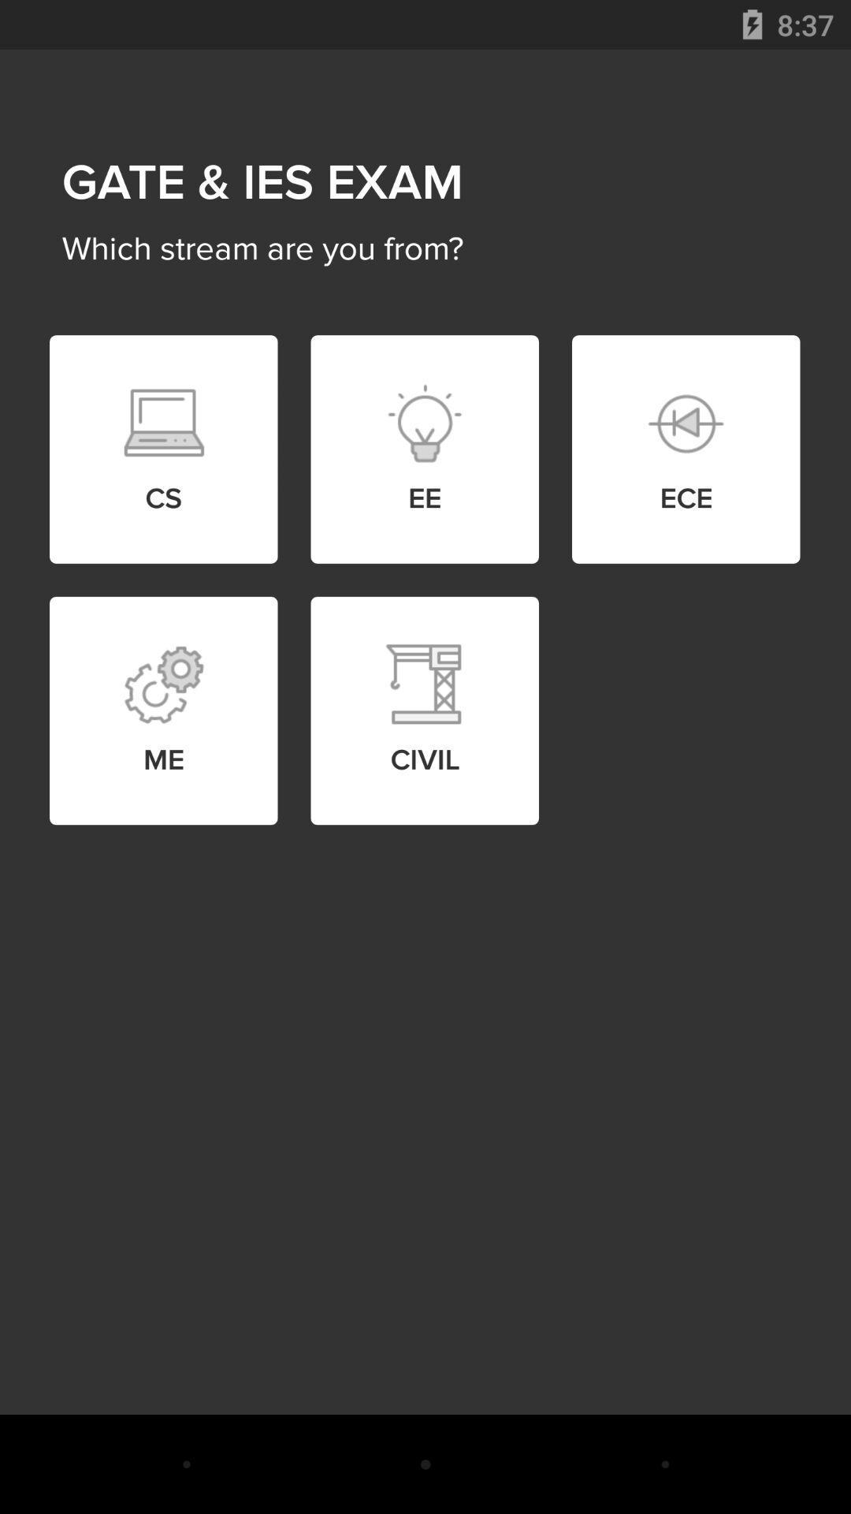  Describe the element at coordinates (424, 423) in the screenshot. I see `the bulb symbol present above ee` at that location.